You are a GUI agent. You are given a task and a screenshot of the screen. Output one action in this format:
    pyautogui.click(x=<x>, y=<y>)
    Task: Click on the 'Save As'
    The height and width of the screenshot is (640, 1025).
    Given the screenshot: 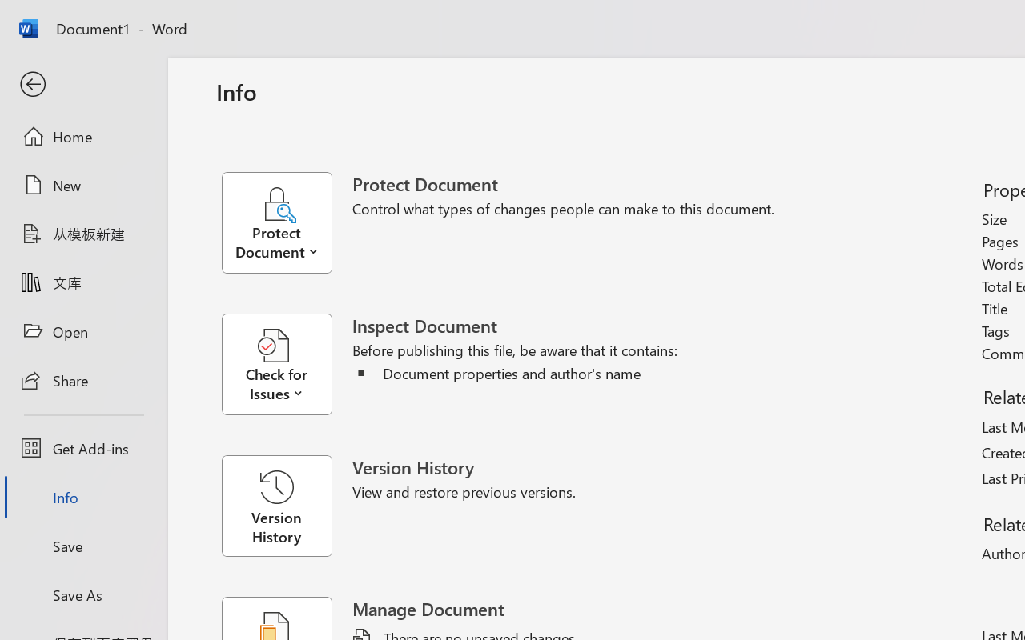 What is the action you would take?
    pyautogui.click(x=82, y=594)
    